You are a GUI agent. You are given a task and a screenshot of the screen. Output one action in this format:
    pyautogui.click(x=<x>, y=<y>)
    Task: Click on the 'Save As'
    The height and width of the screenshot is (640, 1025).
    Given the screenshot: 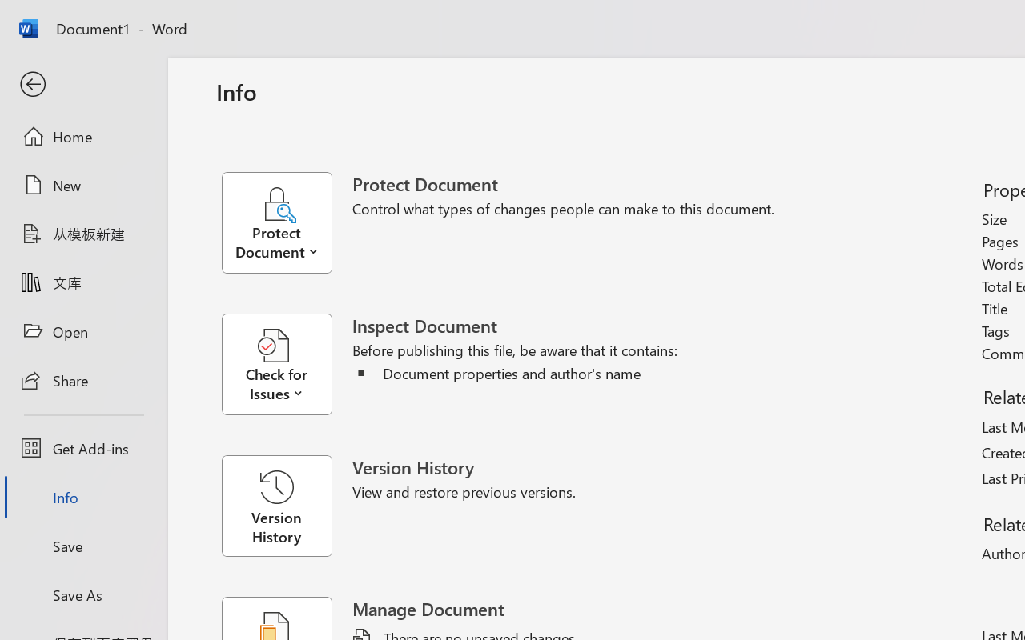 What is the action you would take?
    pyautogui.click(x=82, y=594)
    